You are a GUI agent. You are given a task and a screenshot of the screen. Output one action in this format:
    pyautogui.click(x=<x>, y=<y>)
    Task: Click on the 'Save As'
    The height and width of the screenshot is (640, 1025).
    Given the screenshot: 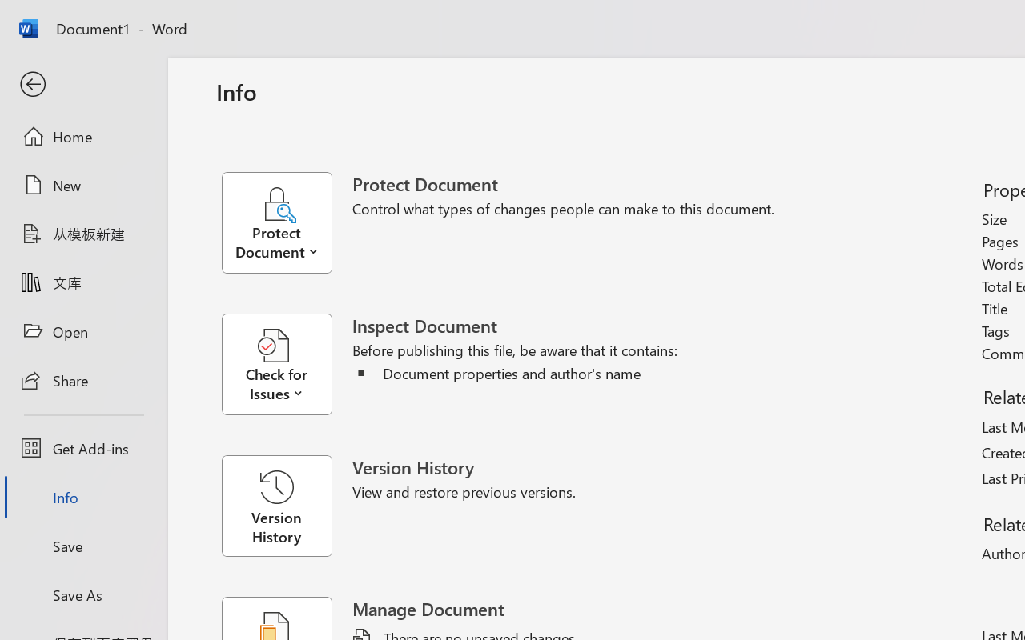 What is the action you would take?
    pyautogui.click(x=82, y=594)
    